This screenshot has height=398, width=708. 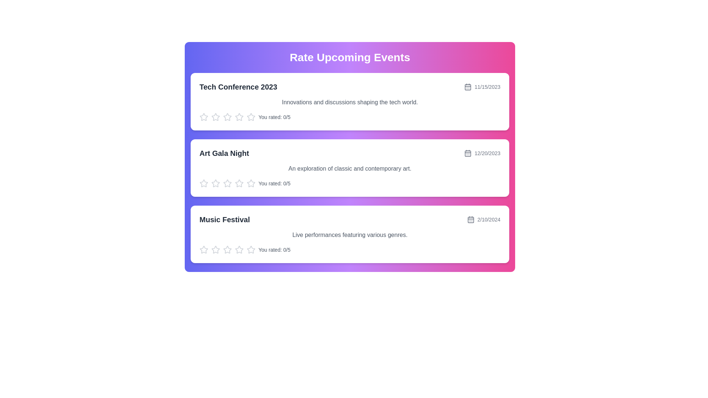 What do you see at coordinates (239, 249) in the screenshot?
I see `the fifth hollow gray star icon` at bounding box center [239, 249].